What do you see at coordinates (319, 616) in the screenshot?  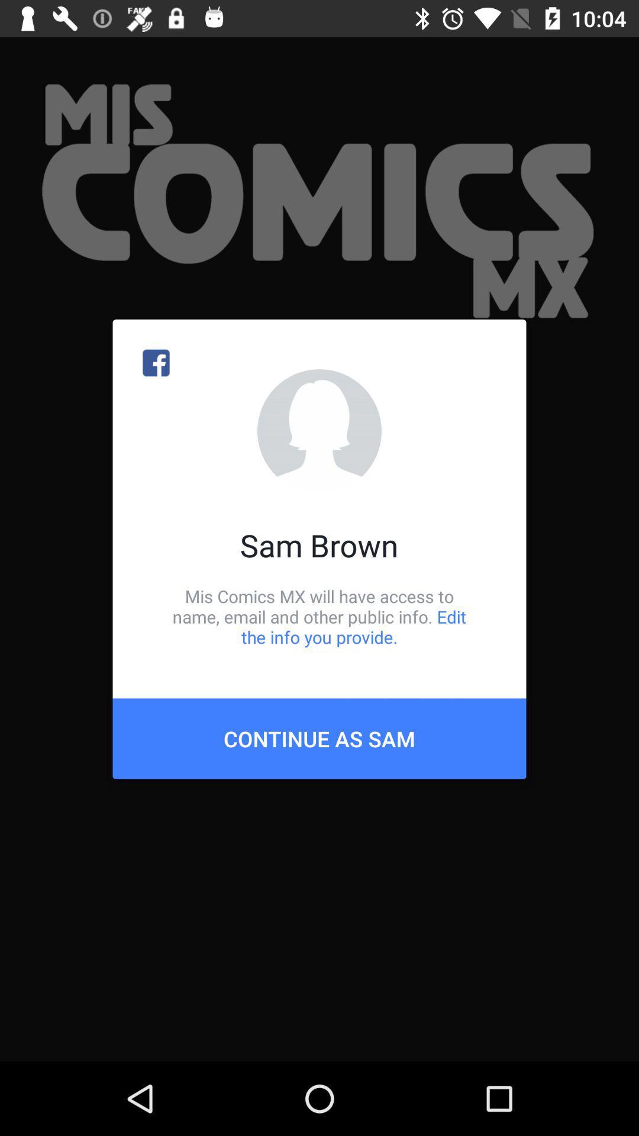 I see `the icon above continue as sam item` at bounding box center [319, 616].